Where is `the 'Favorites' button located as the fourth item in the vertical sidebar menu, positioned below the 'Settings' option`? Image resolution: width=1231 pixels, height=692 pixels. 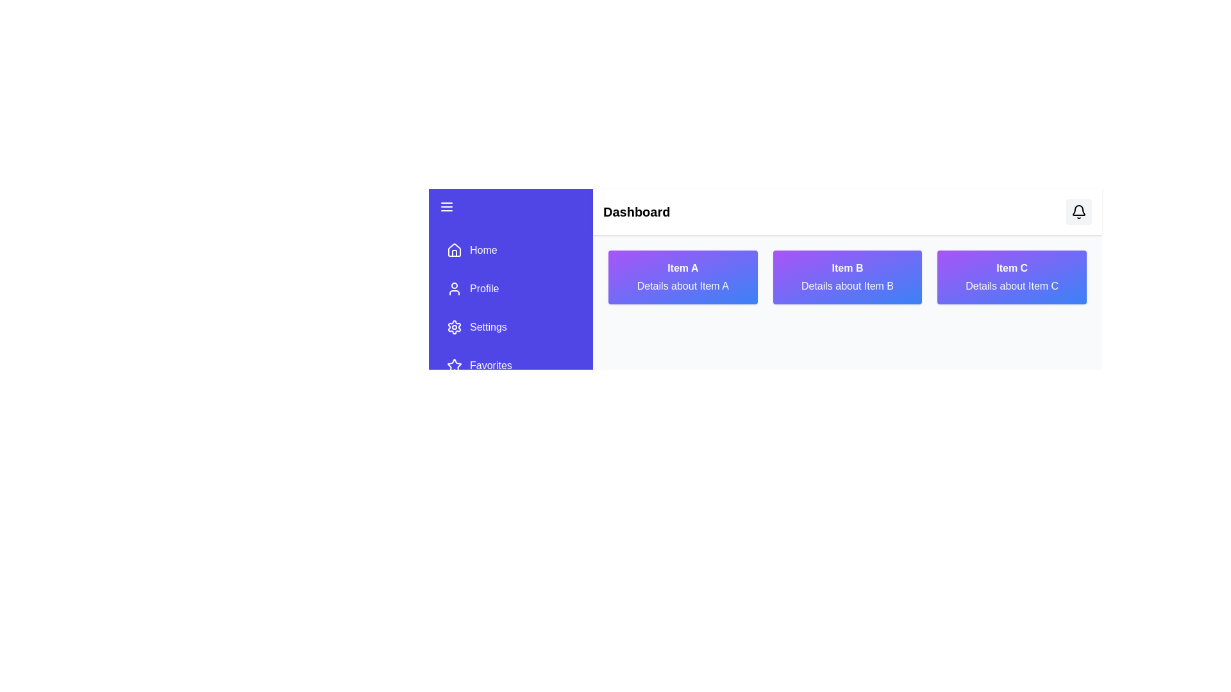
the 'Favorites' button located as the fourth item in the vertical sidebar menu, positioned below the 'Settings' option is located at coordinates (510, 365).